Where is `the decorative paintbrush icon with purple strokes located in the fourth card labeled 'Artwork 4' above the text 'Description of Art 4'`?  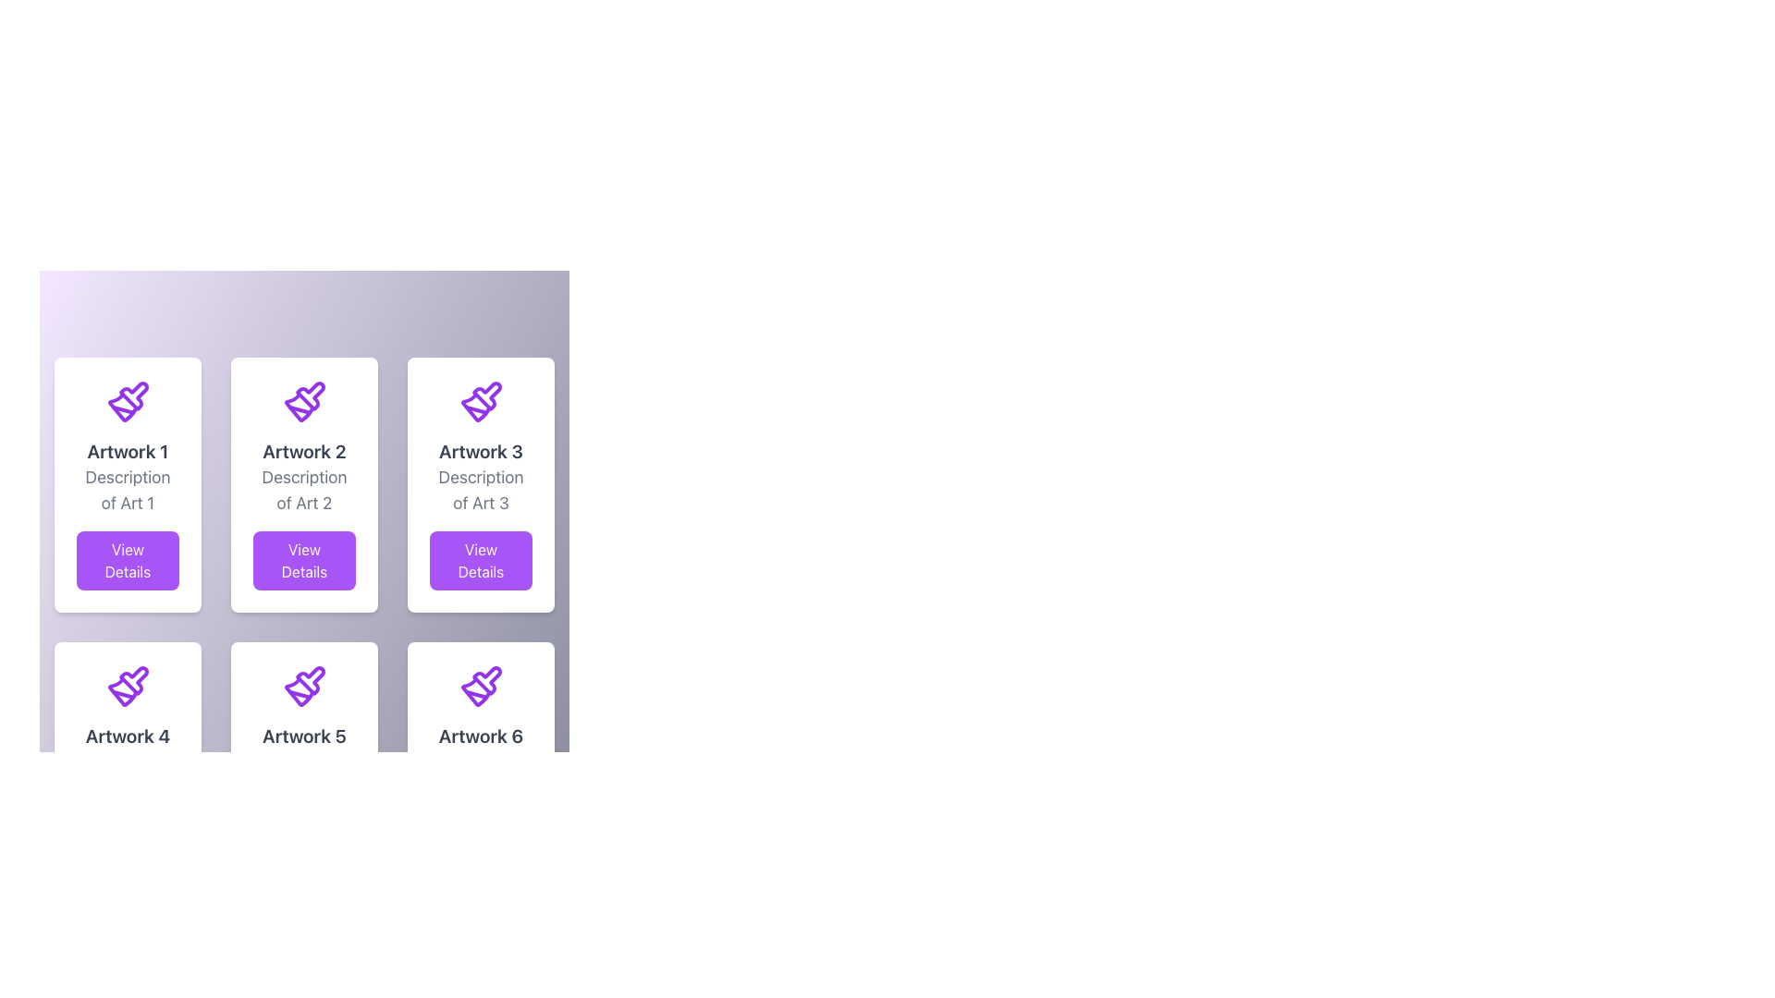
the decorative paintbrush icon with purple strokes located in the fourth card labeled 'Artwork 4' above the text 'Description of Art 4' is located at coordinates (127, 687).